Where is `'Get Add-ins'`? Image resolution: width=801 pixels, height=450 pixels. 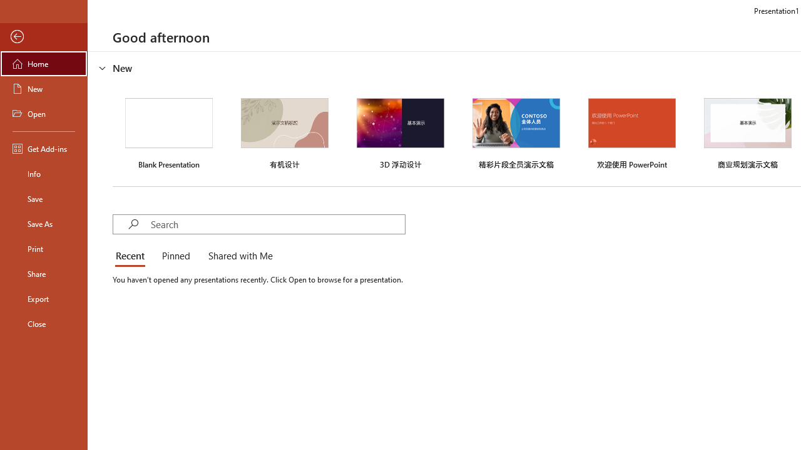
'Get Add-ins' is located at coordinates (43, 147).